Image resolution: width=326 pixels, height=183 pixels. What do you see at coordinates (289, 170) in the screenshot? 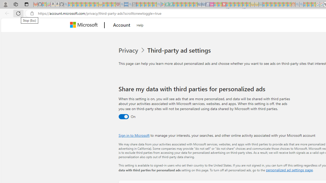
I see `'personalized ad settings page'` at bounding box center [289, 170].